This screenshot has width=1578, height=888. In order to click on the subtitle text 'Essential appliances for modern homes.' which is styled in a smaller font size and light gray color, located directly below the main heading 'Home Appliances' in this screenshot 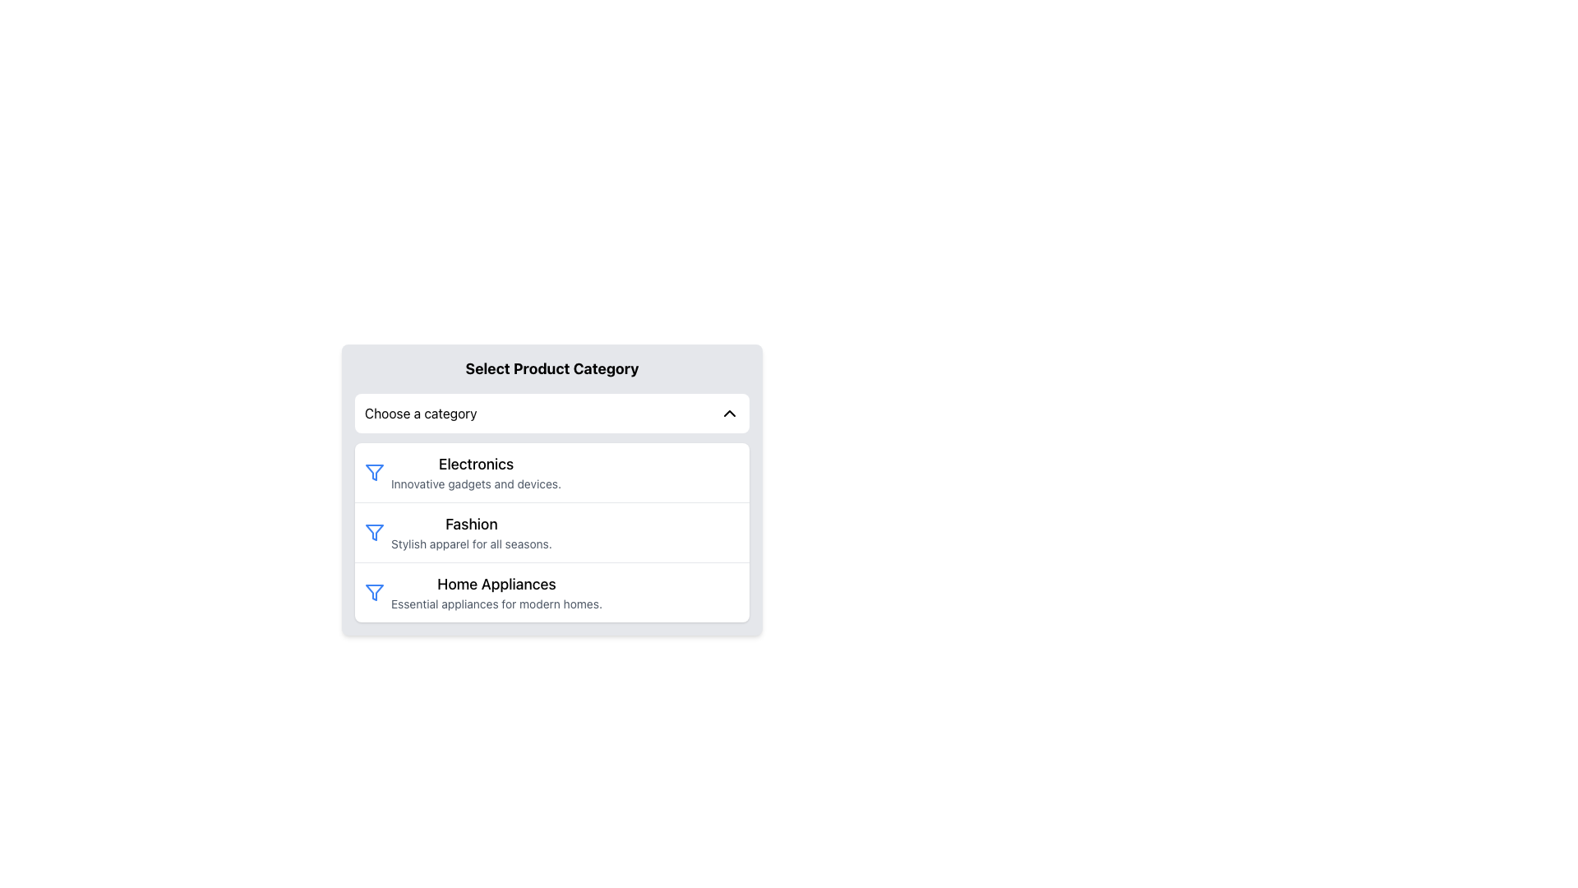, I will do `click(496, 604)`.